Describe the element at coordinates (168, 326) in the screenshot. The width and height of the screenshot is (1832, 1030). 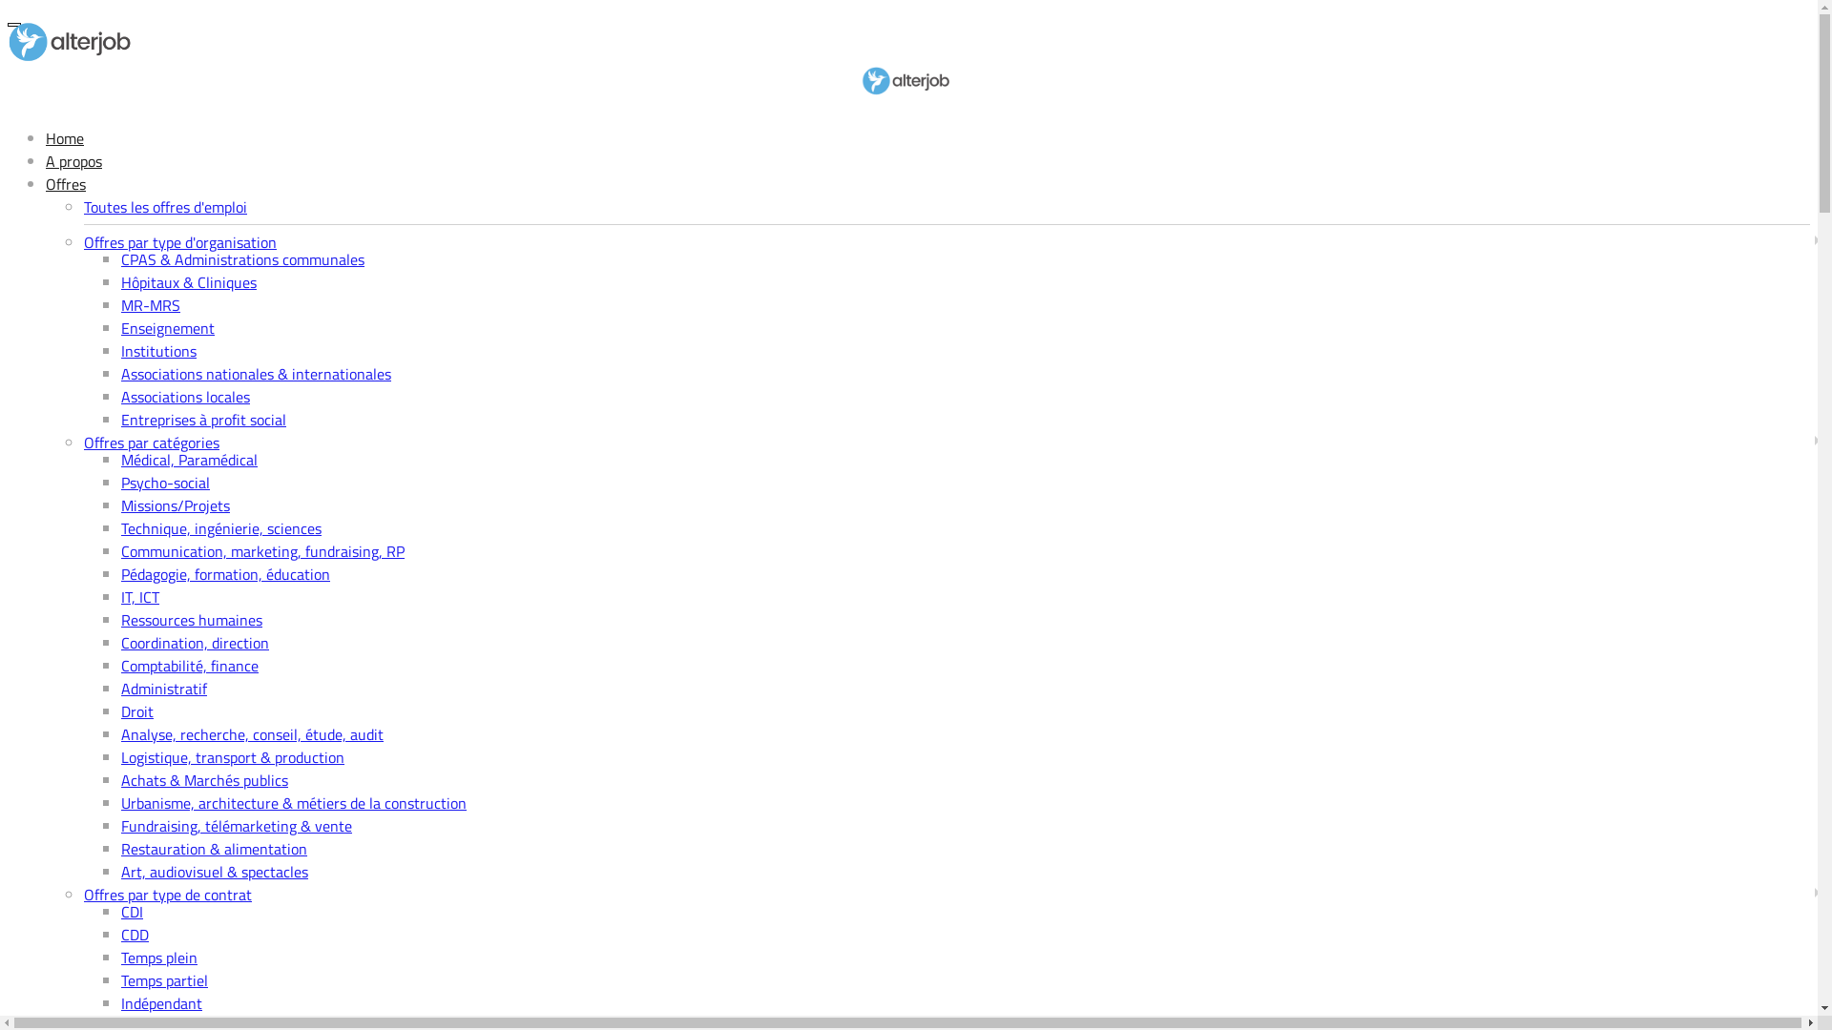
I see `'Enseignement'` at that location.